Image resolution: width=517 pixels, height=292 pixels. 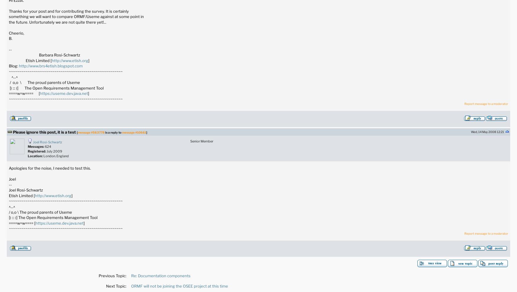 I want to click on 'is a reply to', so click(x=113, y=132).